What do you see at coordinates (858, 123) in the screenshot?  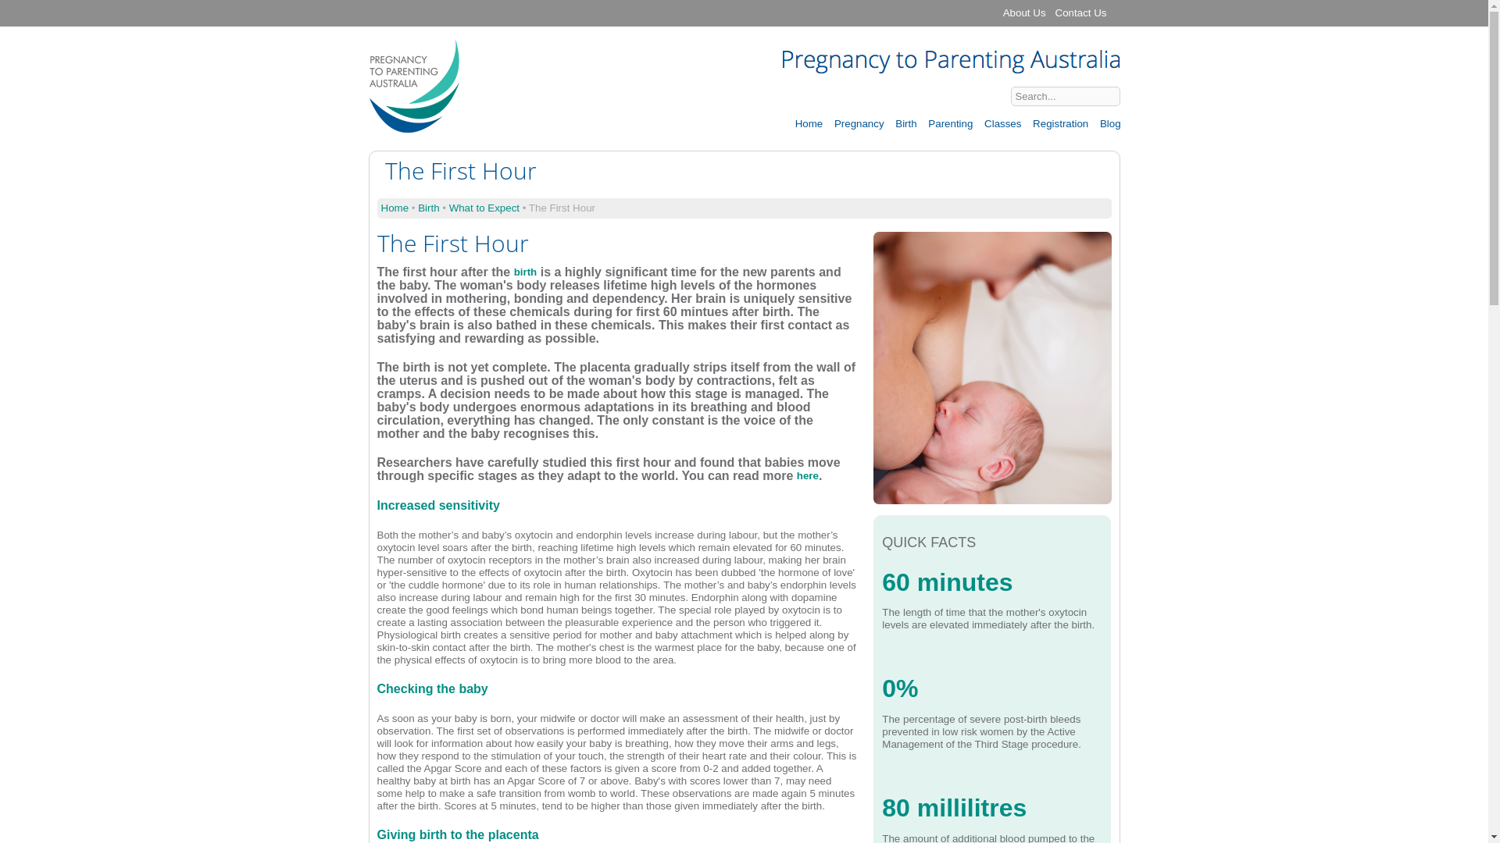 I see `'Pregnancy'` at bounding box center [858, 123].